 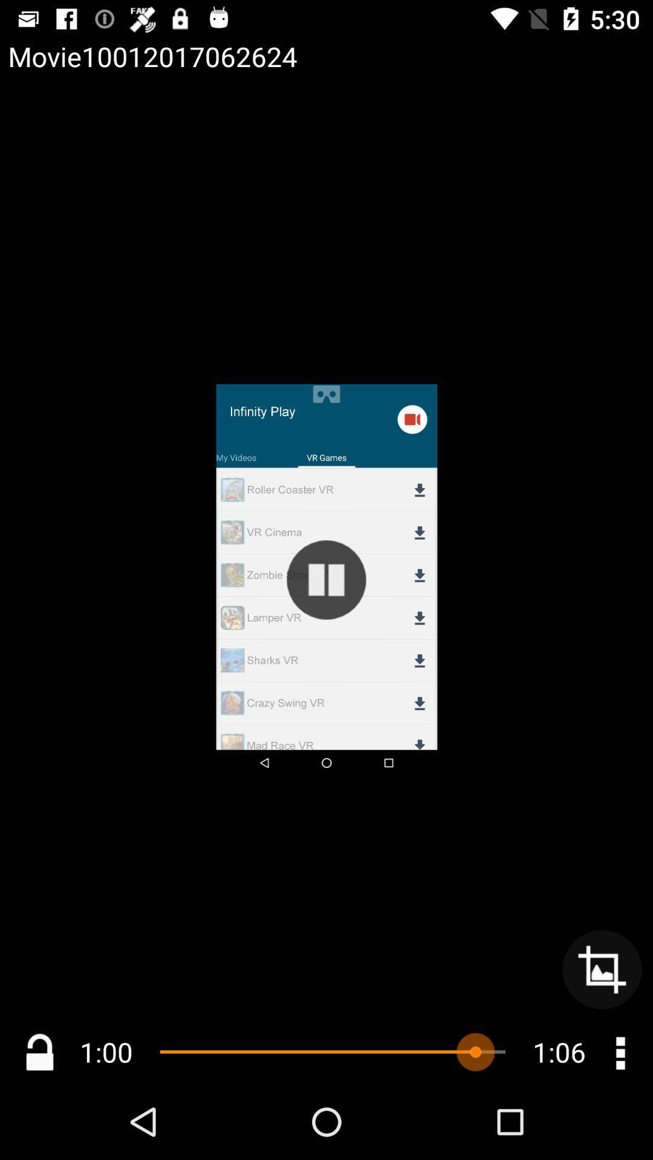 I want to click on the pause icon, so click(x=326, y=580).